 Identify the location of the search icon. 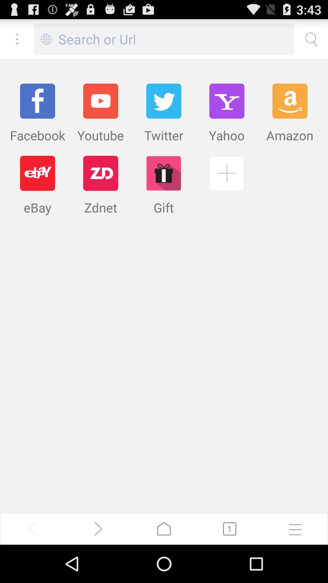
(311, 42).